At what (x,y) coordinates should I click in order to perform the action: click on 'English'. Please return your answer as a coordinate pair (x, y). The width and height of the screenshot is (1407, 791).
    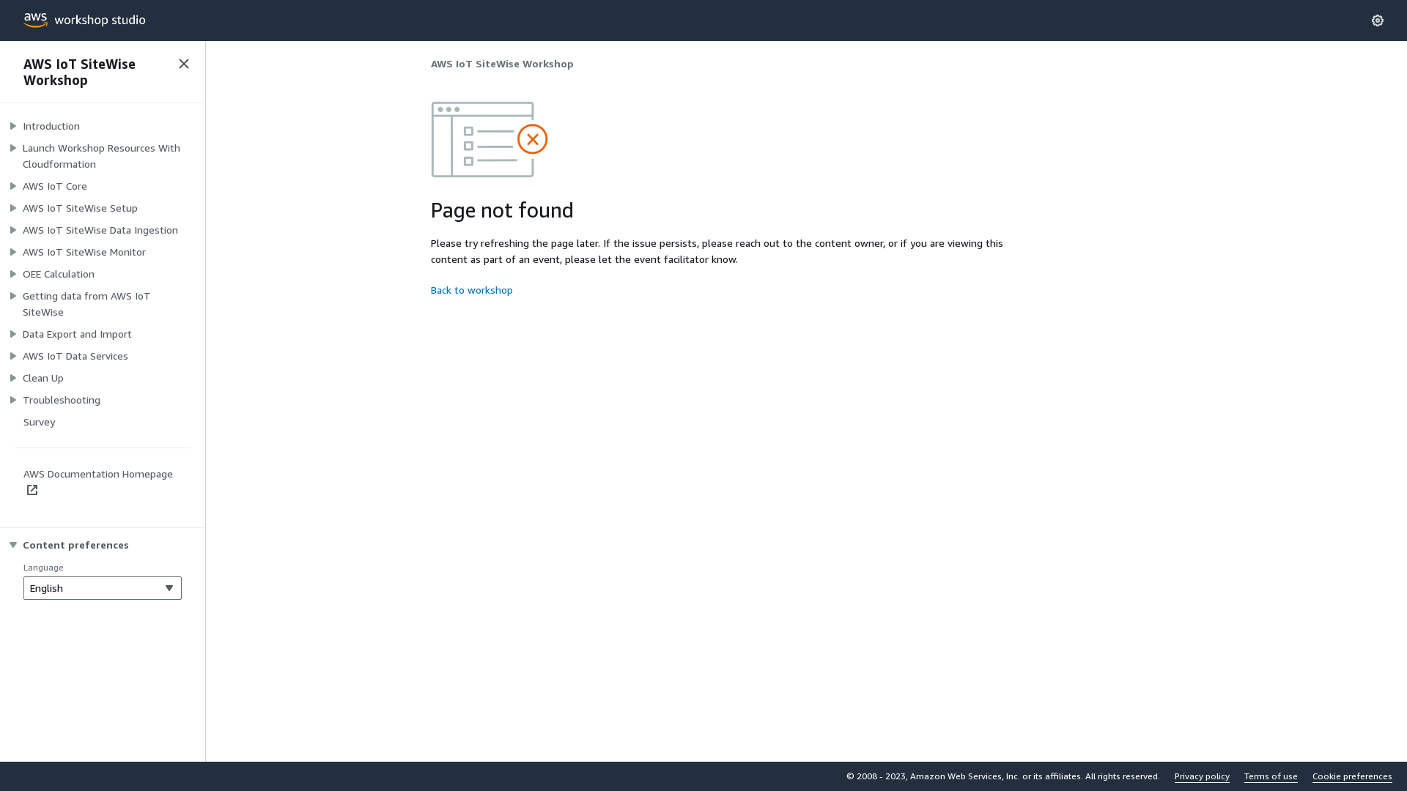
    Looking at the image, I should click on (101, 587).